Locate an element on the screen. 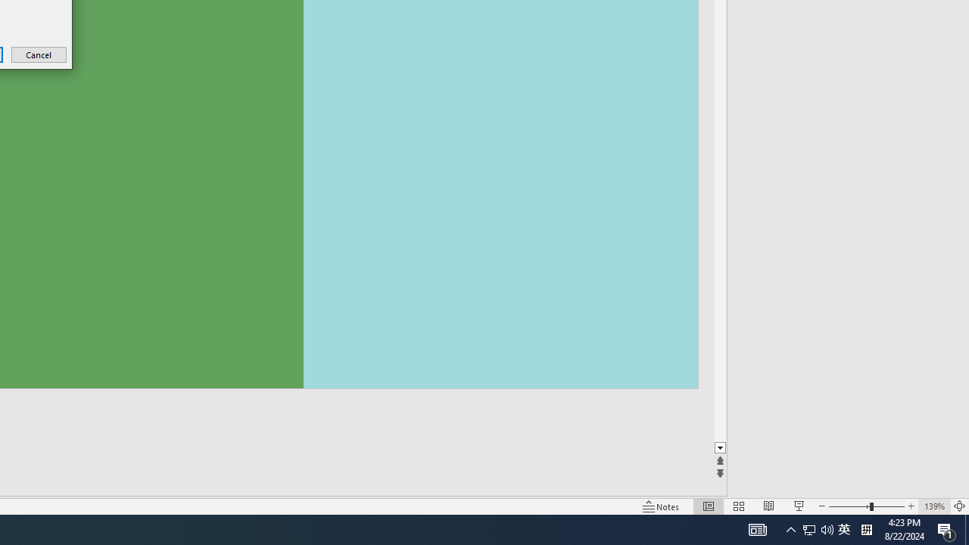  'Notification Chevron' is located at coordinates (768, 506).